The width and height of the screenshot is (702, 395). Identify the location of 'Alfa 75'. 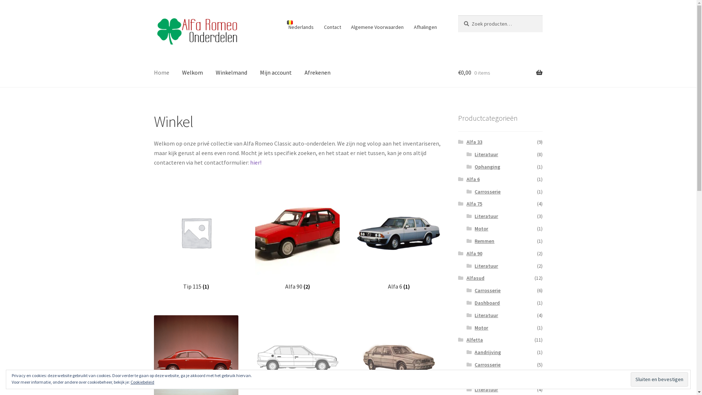
(474, 203).